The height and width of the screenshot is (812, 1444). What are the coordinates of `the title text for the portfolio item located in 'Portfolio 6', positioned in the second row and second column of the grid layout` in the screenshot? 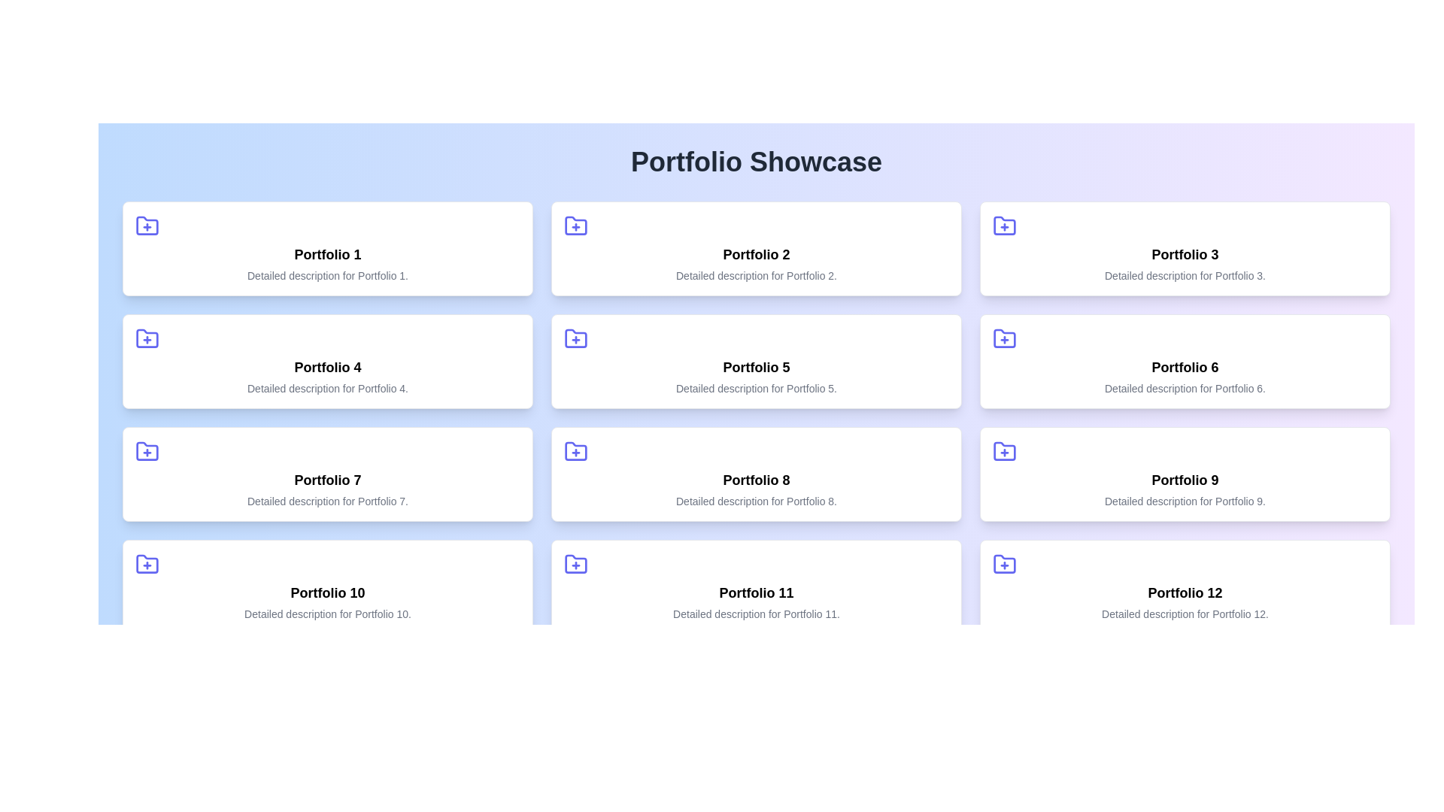 It's located at (1184, 368).